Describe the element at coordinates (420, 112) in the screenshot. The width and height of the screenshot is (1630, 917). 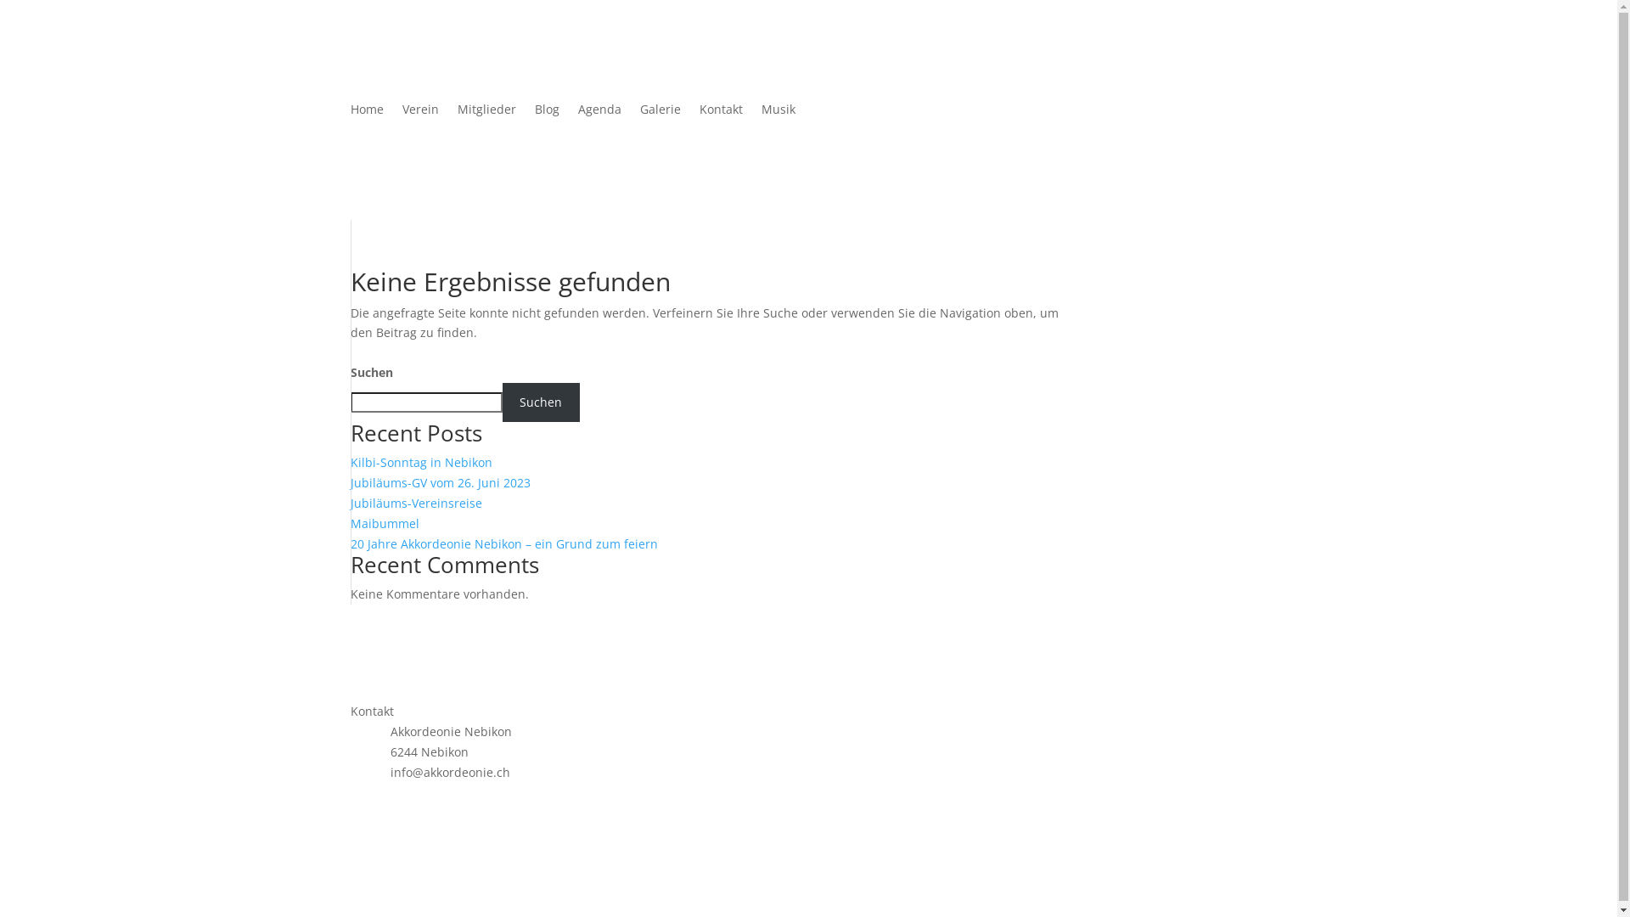
I see `'Verein'` at that location.